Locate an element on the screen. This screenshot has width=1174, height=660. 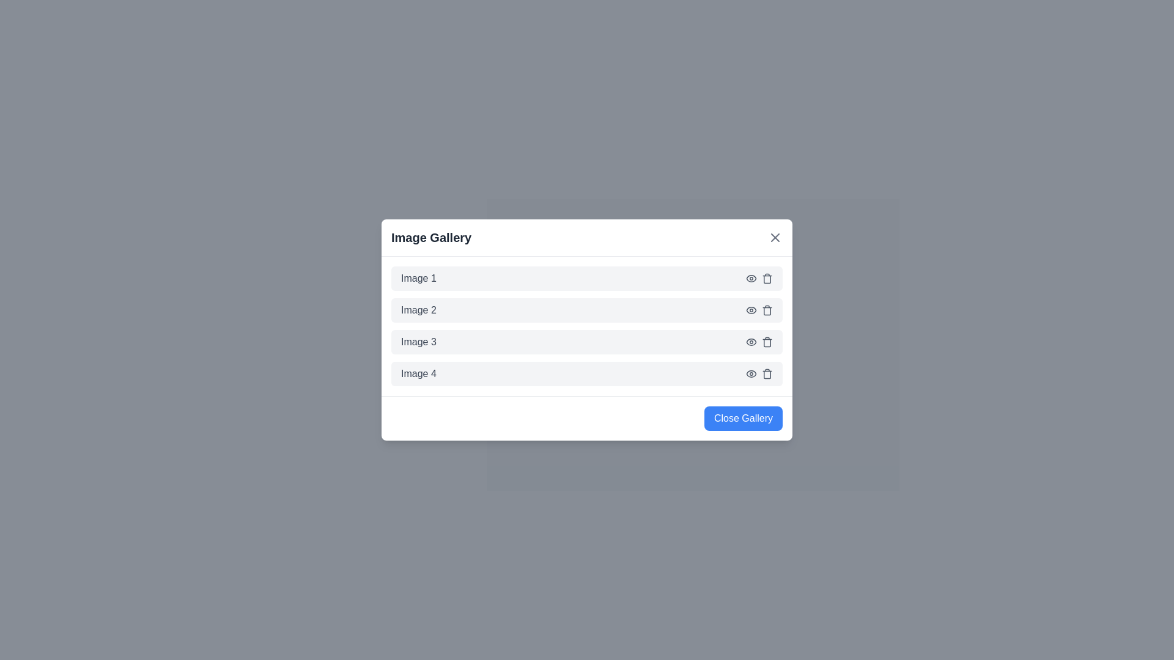
the eye icon located to the right of 'Image 2' in the 'Image Gallery' list is located at coordinates (750, 278).